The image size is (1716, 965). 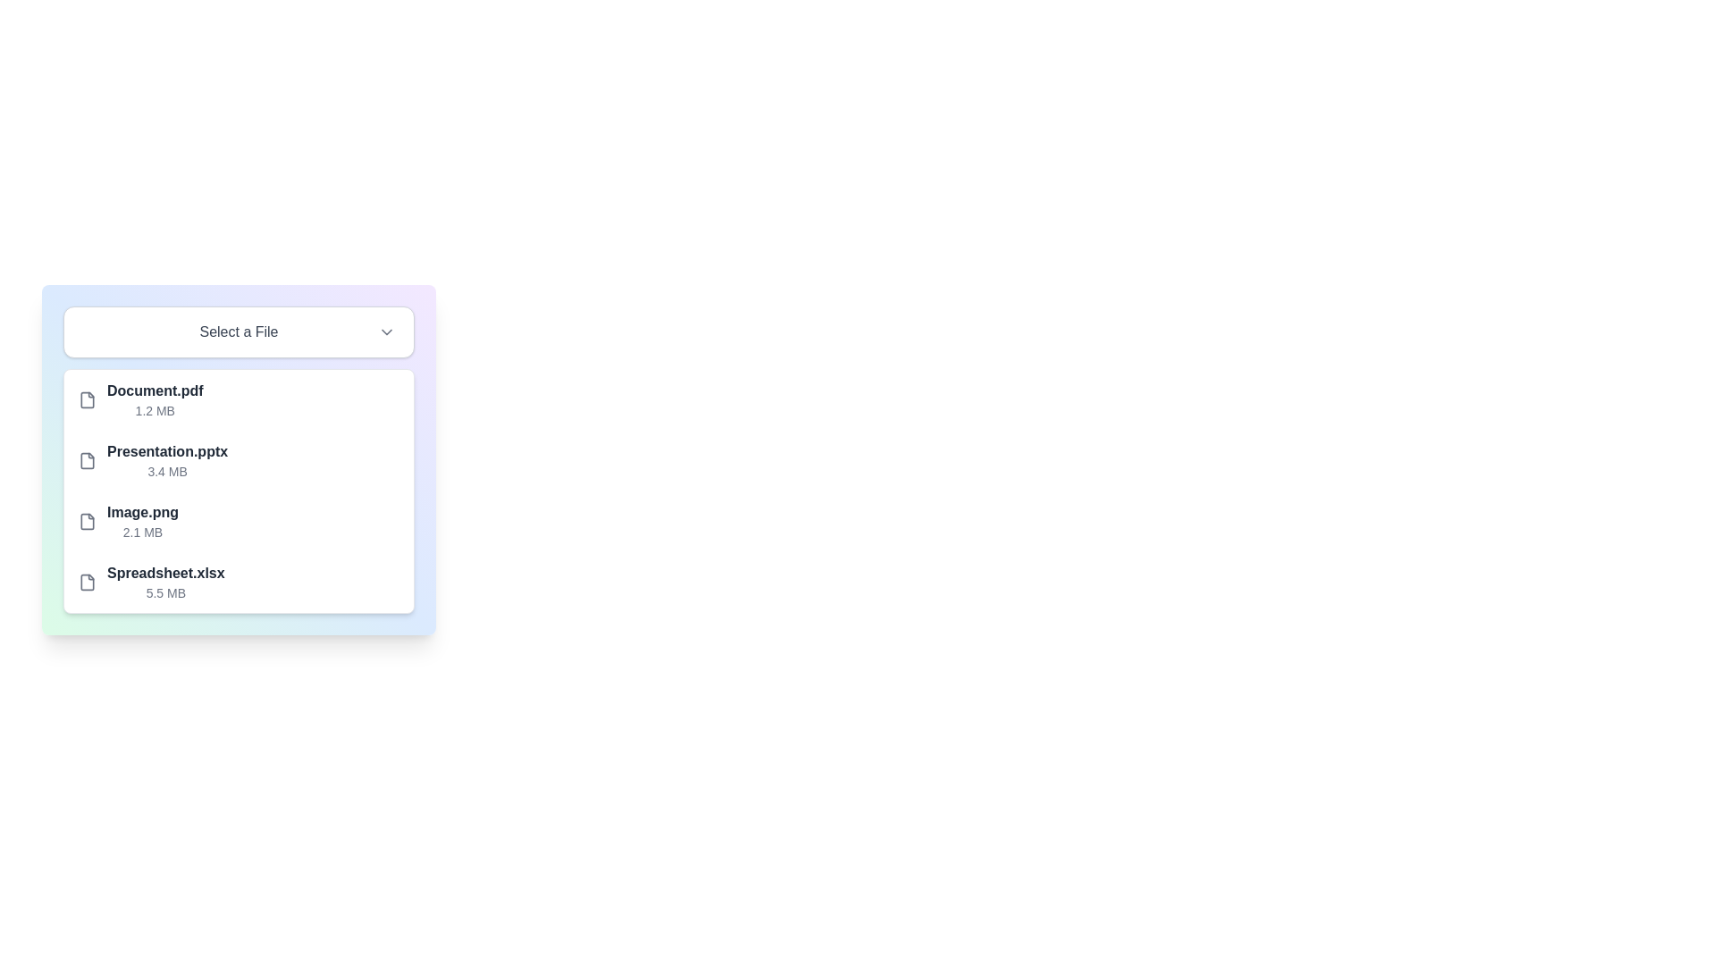 What do you see at coordinates (86, 459) in the screenshot?
I see `the Document/File icon located to the left of the filename 'Presentation.pptx' in the second row of the file list` at bounding box center [86, 459].